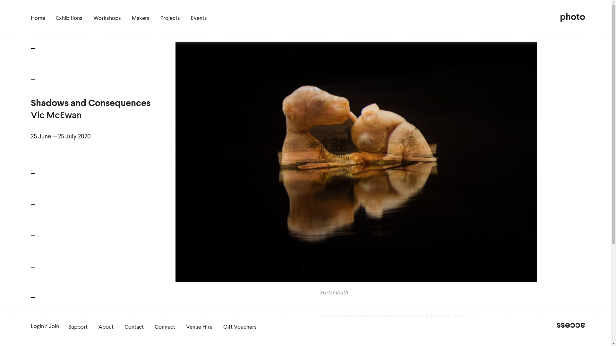  Describe the element at coordinates (107, 18) in the screenshot. I see `'Workshops'` at that location.